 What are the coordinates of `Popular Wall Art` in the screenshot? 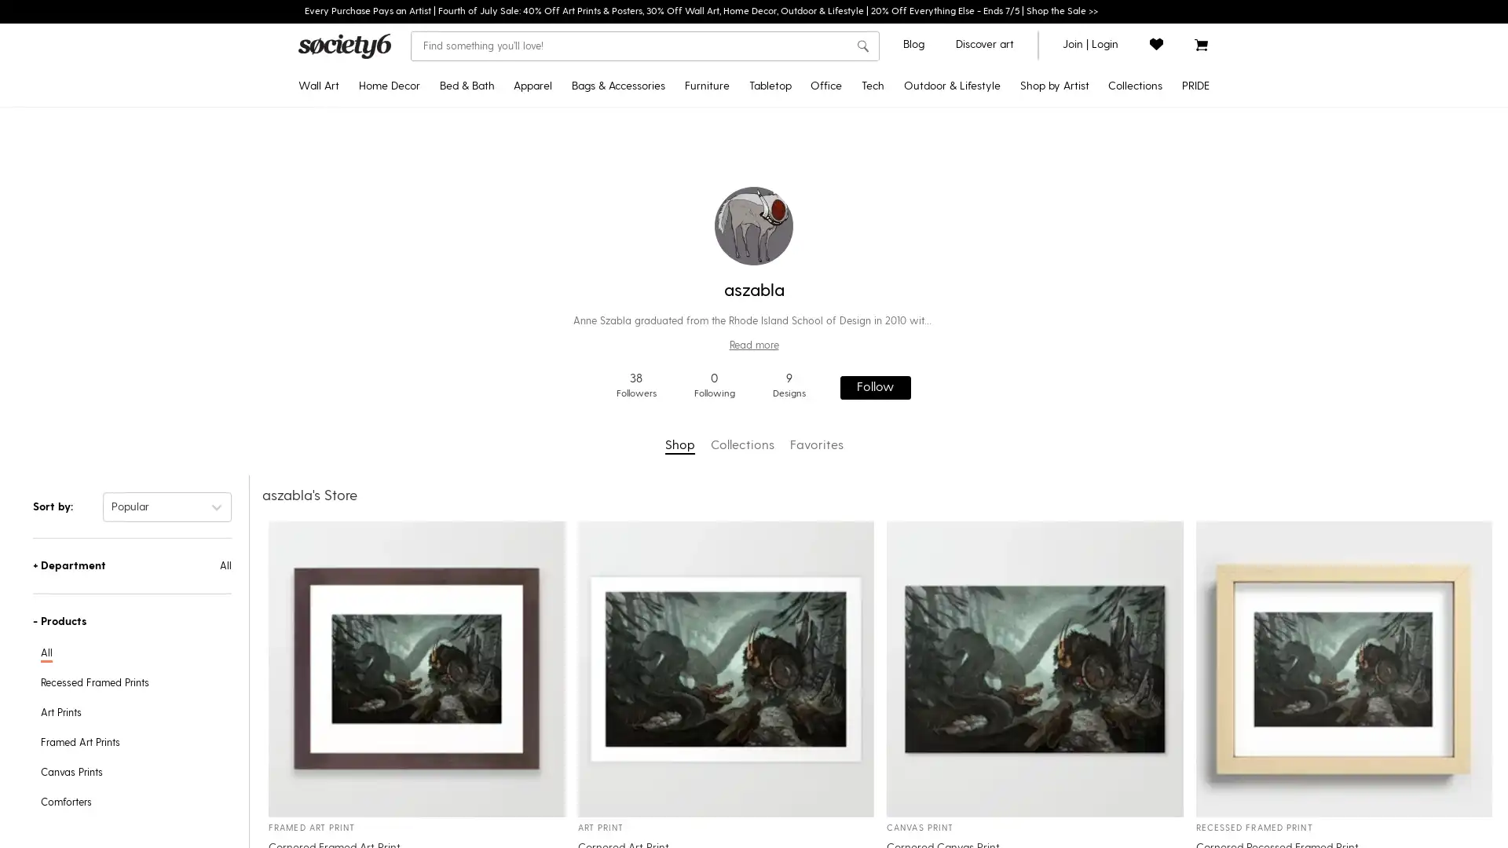 It's located at (1077, 227).